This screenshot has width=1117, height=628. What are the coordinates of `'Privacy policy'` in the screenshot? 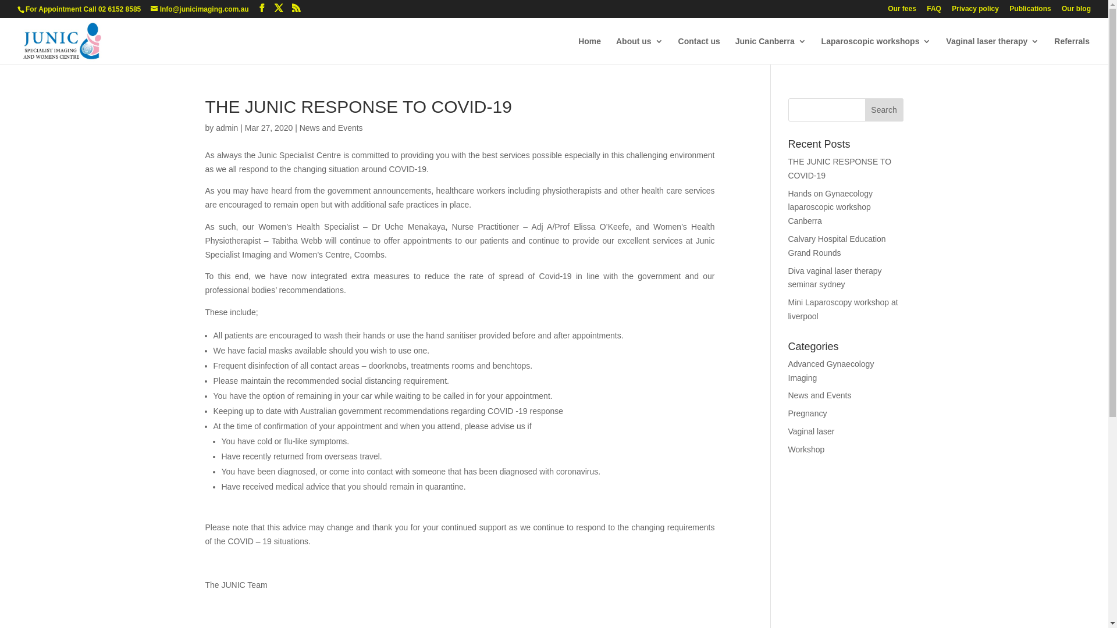 It's located at (975, 11).